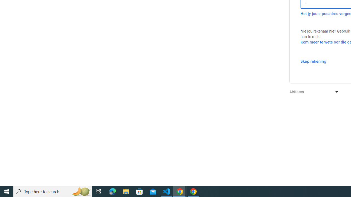 This screenshot has width=351, height=197. I want to click on 'Skep rekening', so click(313, 61).